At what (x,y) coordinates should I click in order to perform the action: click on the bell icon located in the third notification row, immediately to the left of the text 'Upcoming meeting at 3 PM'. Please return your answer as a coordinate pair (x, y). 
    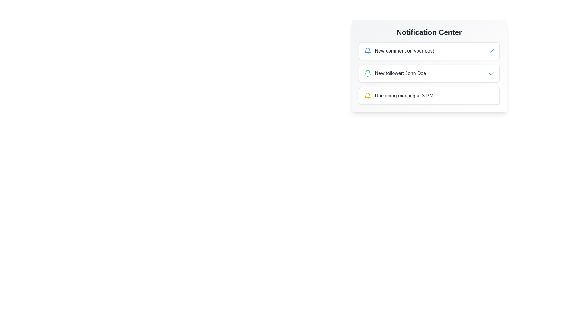
    Looking at the image, I should click on (367, 96).